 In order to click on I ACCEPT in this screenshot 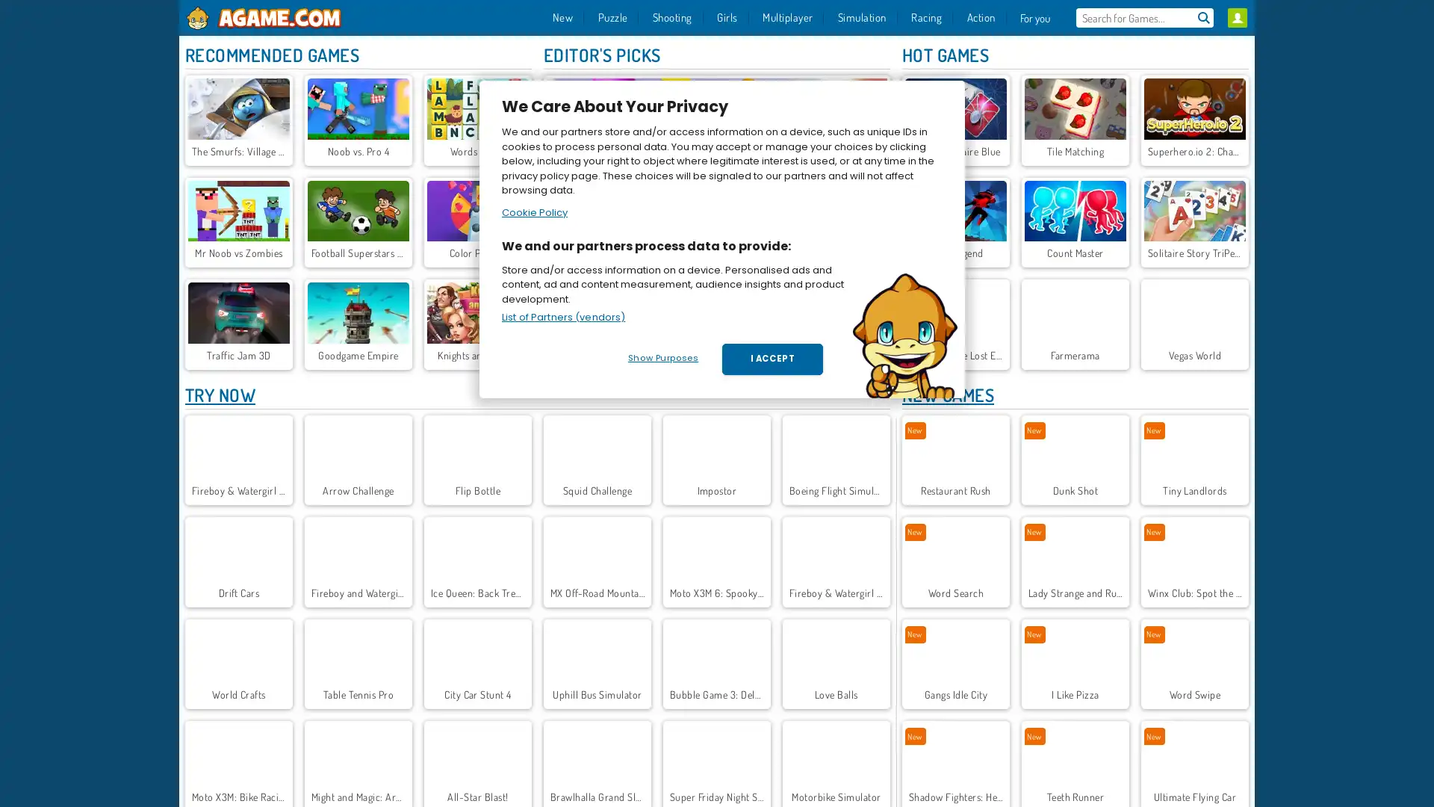, I will do `click(772, 359)`.